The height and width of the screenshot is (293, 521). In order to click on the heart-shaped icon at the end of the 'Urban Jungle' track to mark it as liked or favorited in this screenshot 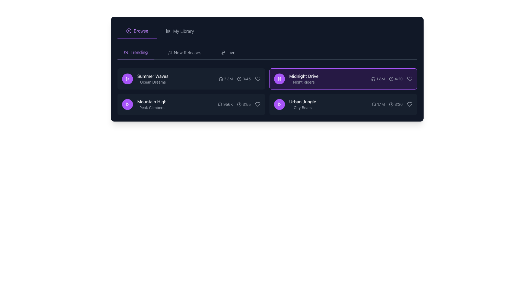, I will do `click(410, 104)`.